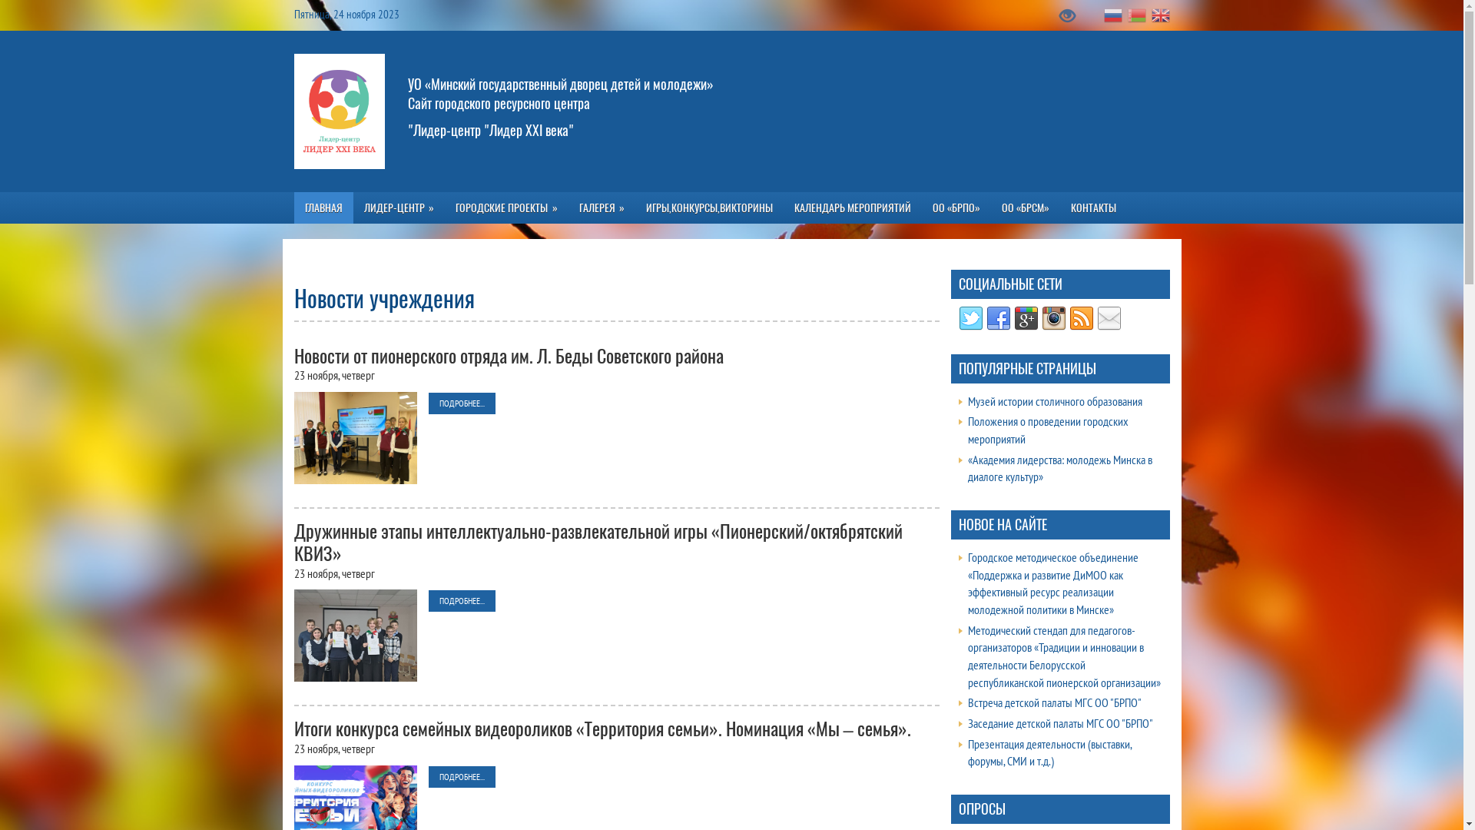  What do you see at coordinates (1053, 317) in the screenshot?
I see `'Instagram'` at bounding box center [1053, 317].